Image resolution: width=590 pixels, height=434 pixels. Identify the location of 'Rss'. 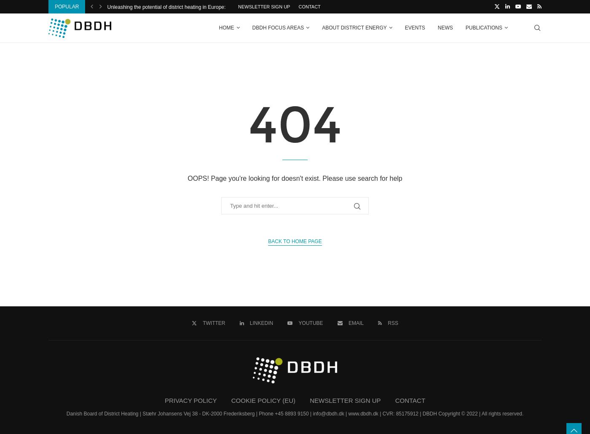
(392, 323).